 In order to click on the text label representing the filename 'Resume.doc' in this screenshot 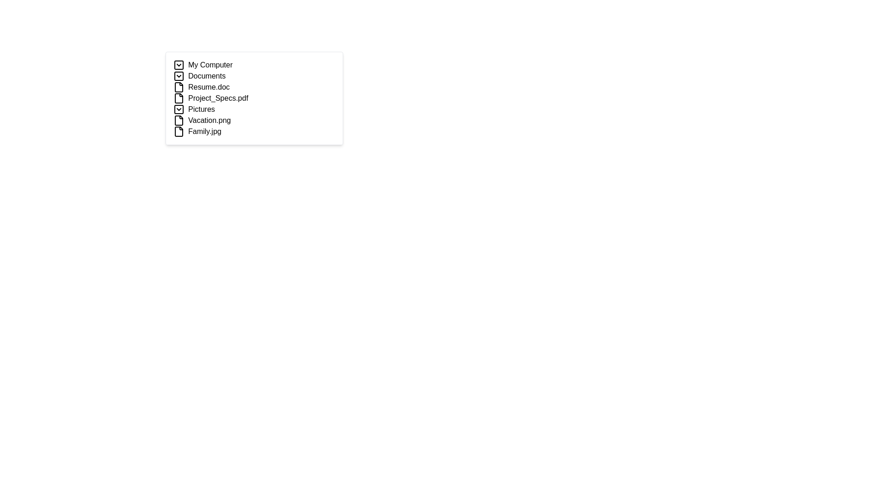, I will do `click(208, 87)`.